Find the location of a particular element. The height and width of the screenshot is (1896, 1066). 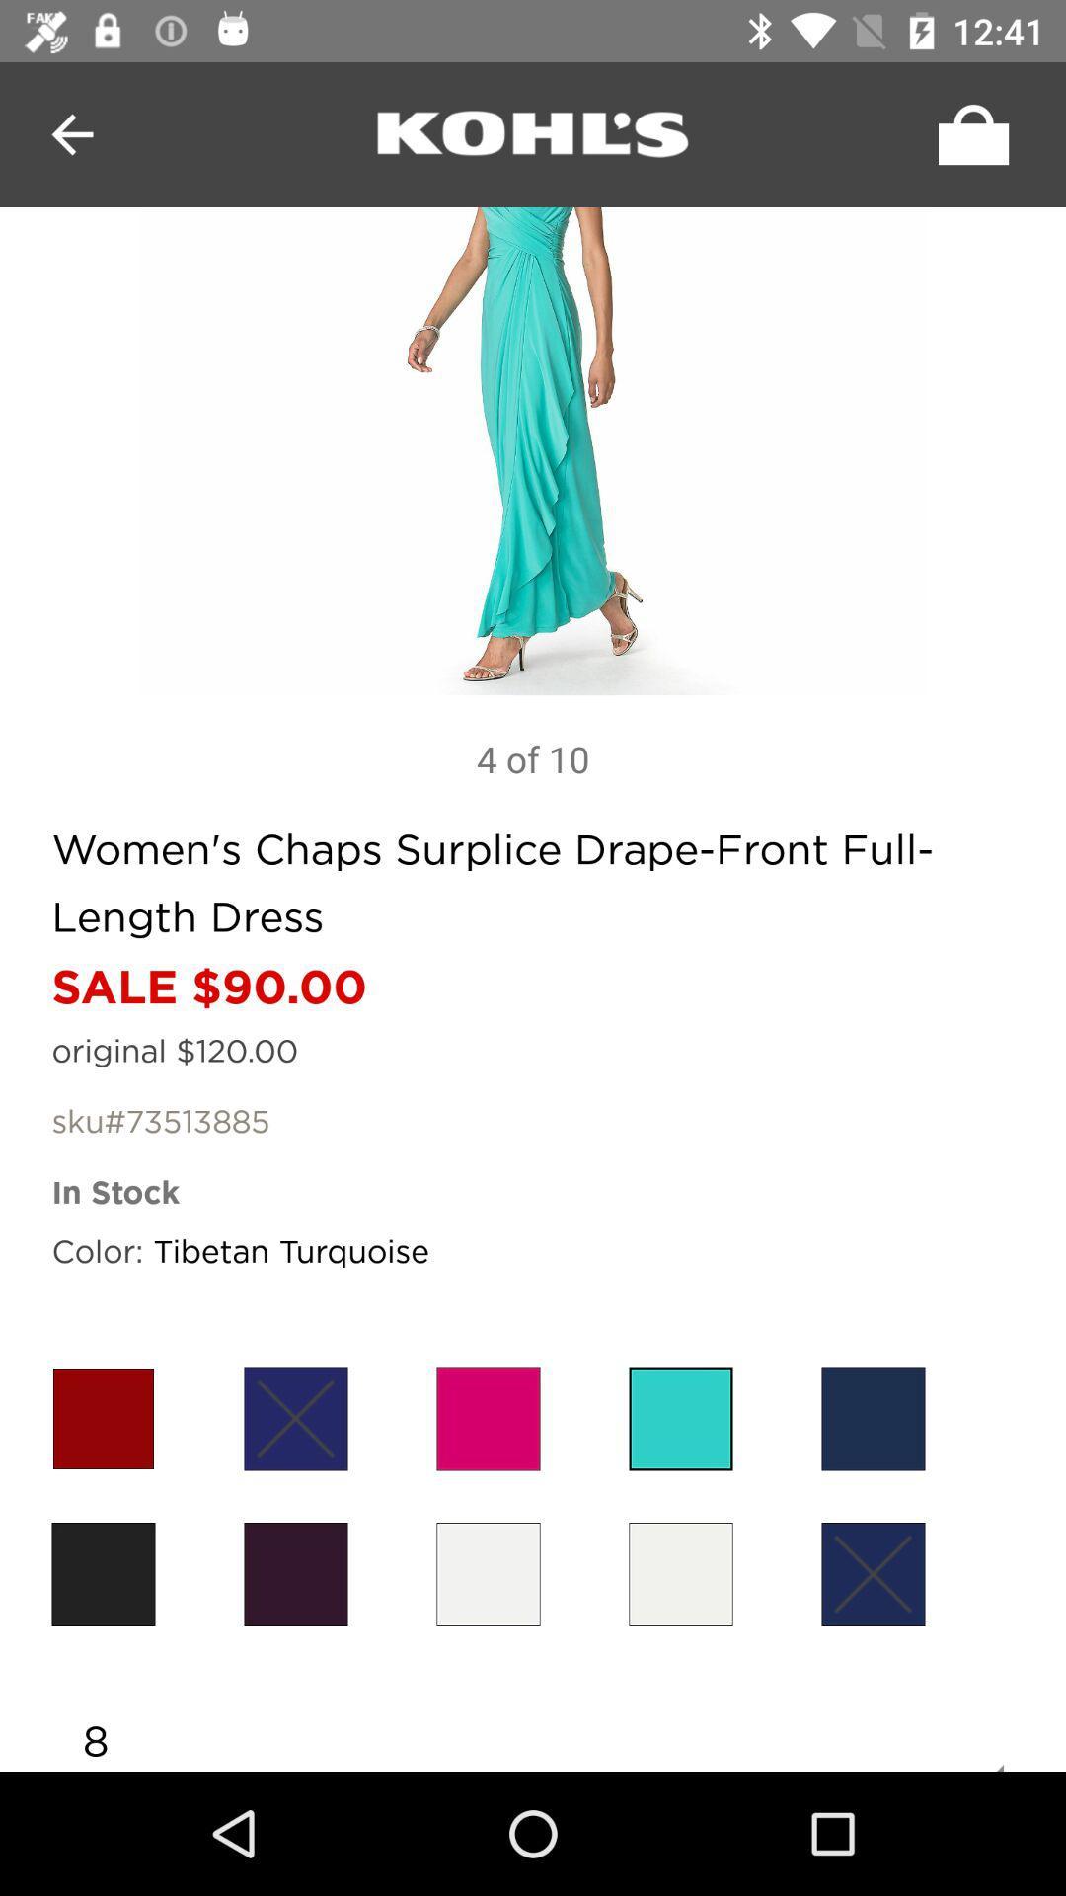

yellow dress color is located at coordinates (488, 1573).